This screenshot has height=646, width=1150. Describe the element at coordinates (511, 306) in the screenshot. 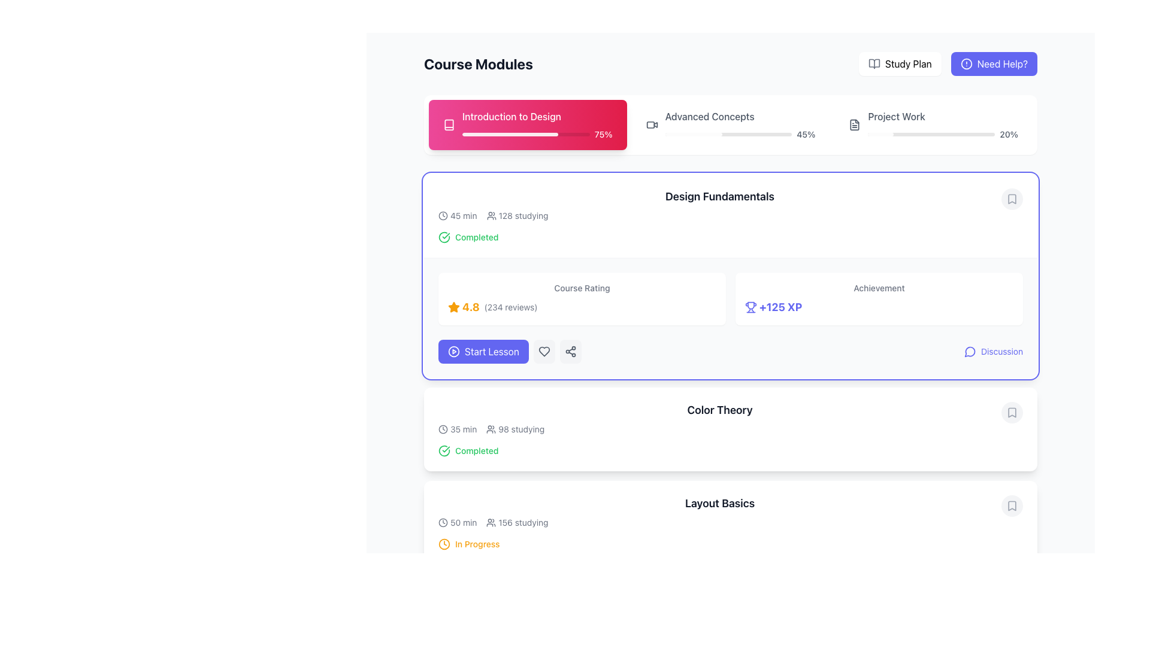

I see `the text label displaying '(234 reviews)' which is styled in a smaller gray font and located next to the '4.8' rating` at that location.